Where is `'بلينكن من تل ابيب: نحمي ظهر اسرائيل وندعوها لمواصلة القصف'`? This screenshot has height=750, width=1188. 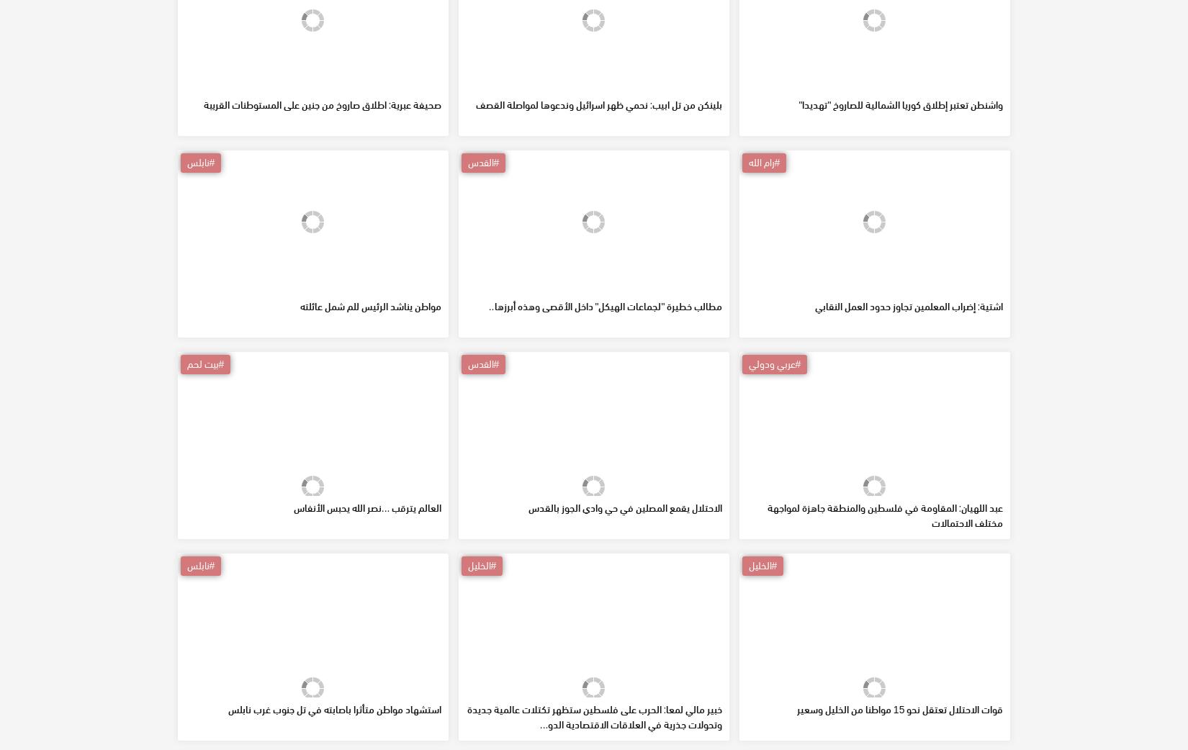 'بلينكن من تل ابيب: نحمي ظهر اسرائيل وندعوها لمواصلة القصف' is located at coordinates (598, 208).